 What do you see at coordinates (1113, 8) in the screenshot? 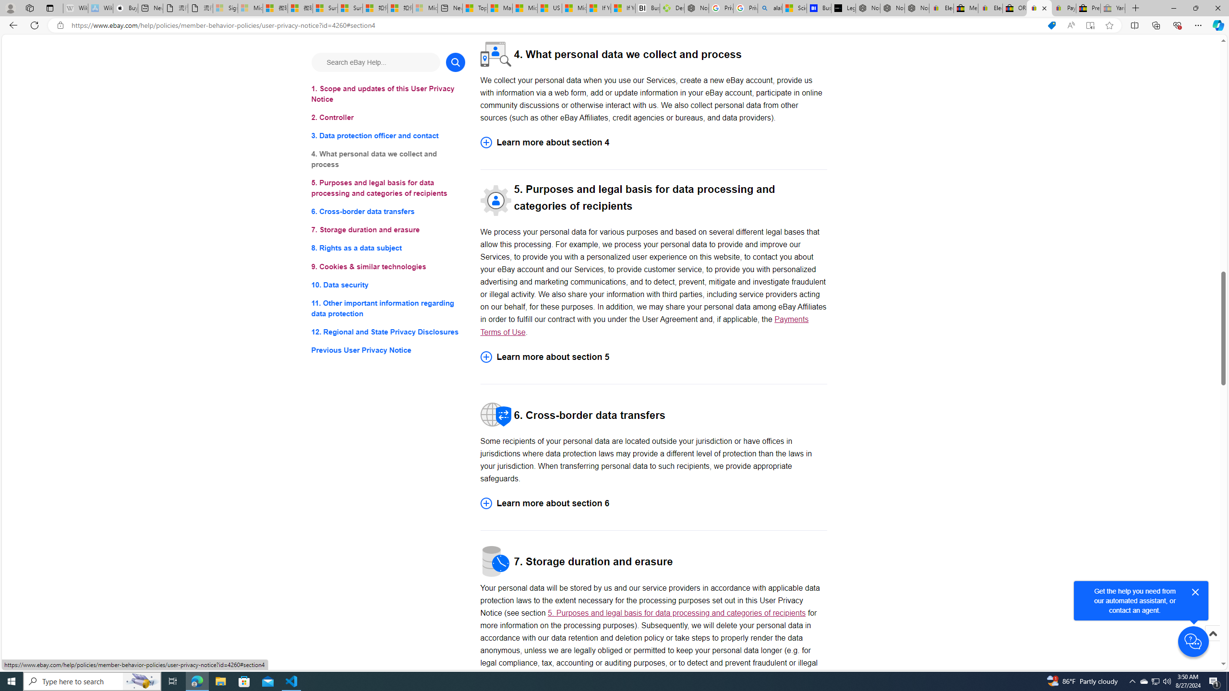
I see `'Yard, Garden & Outdoor Living - Sleeping'` at bounding box center [1113, 8].